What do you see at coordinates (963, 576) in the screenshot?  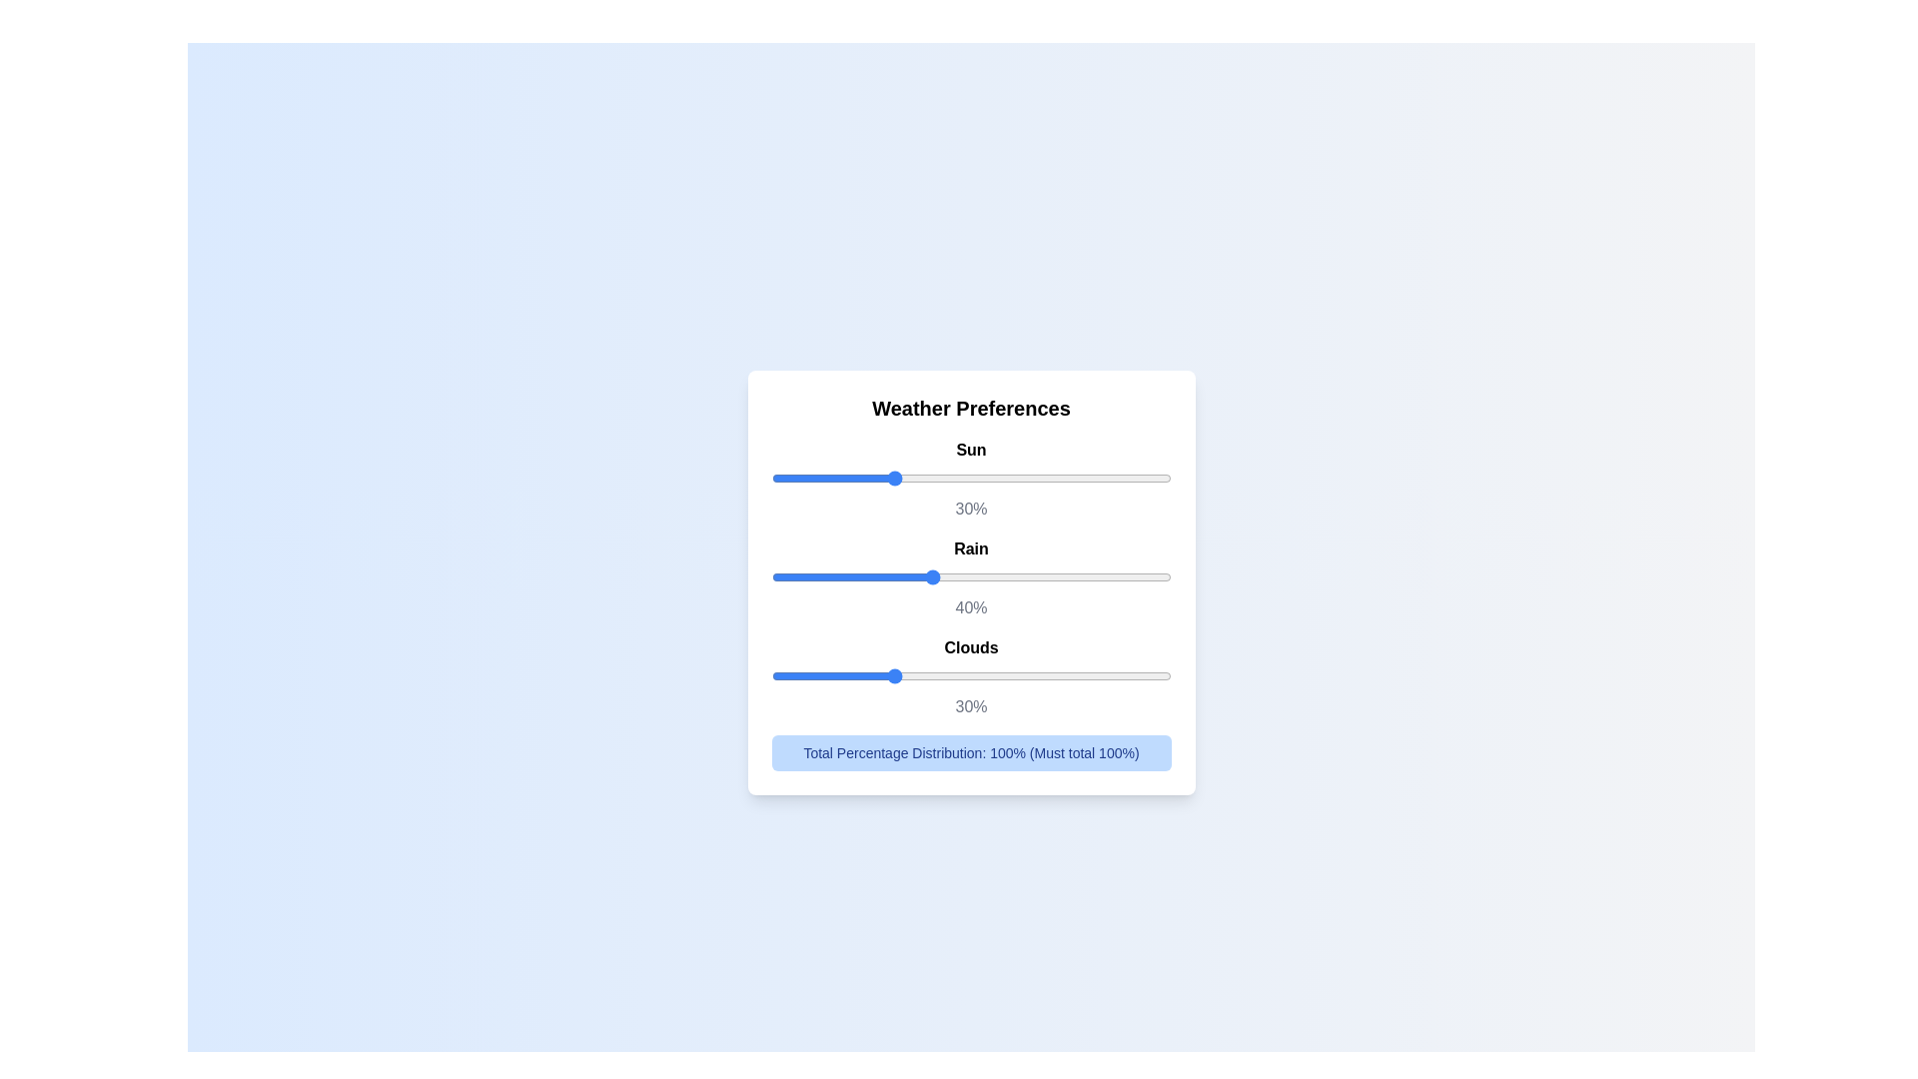 I see `the 'Rain' slider to 48%` at bounding box center [963, 576].